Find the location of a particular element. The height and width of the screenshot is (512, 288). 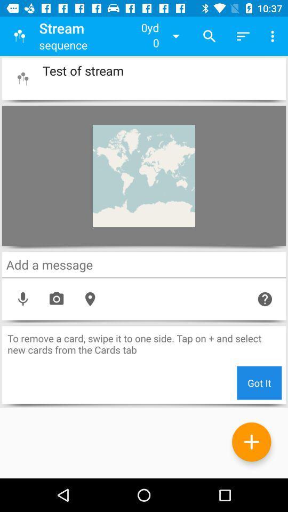

more pages is located at coordinates (251, 442).